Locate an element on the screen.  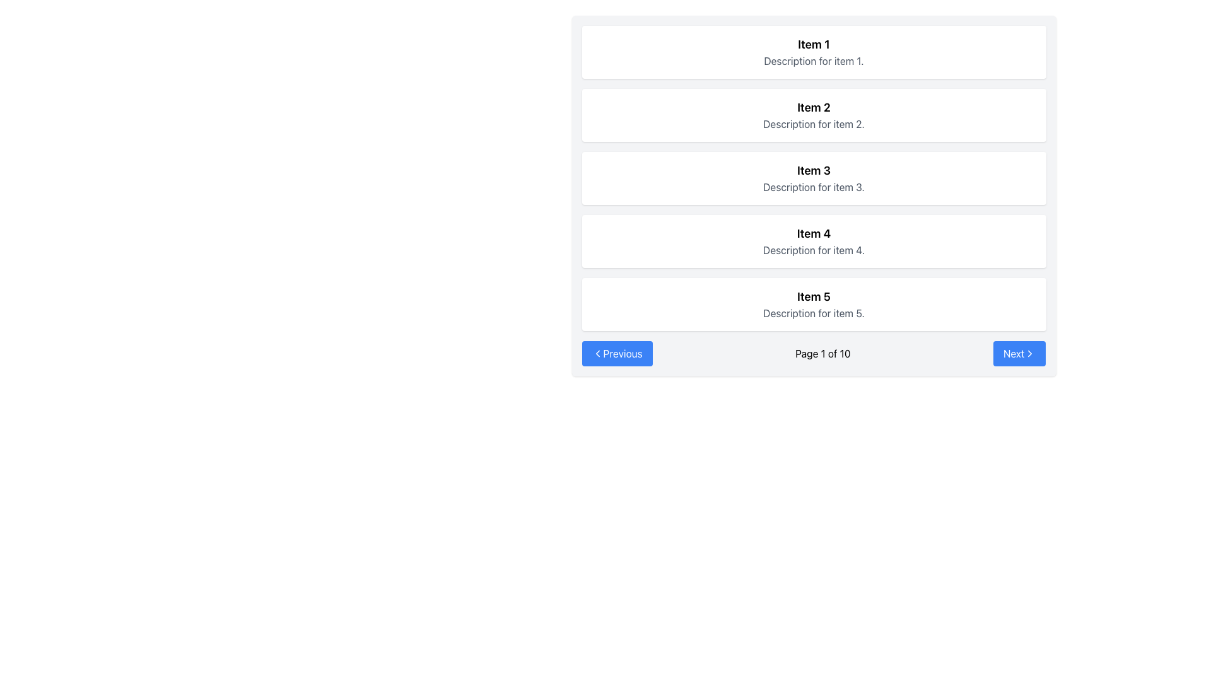
the 'Previous' button, which has a blue background and white text with a left-pointing arrow is located at coordinates (617, 353).